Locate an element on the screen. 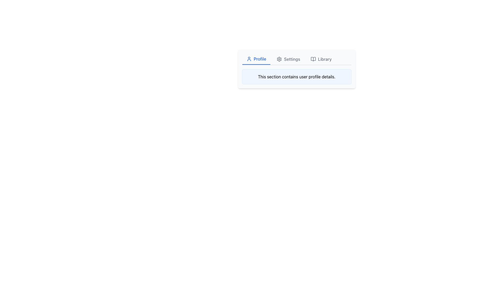 This screenshot has height=283, width=503. the 'Profile' tab located in the upper-right section of the interface is located at coordinates (256, 59).